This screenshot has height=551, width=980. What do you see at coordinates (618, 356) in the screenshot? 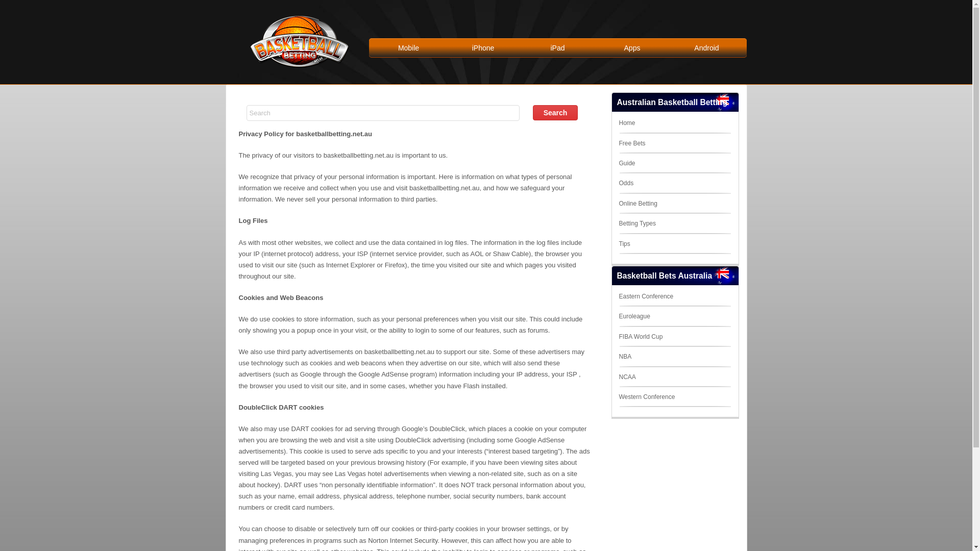
I see `'NBA'` at bounding box center [618, 356].